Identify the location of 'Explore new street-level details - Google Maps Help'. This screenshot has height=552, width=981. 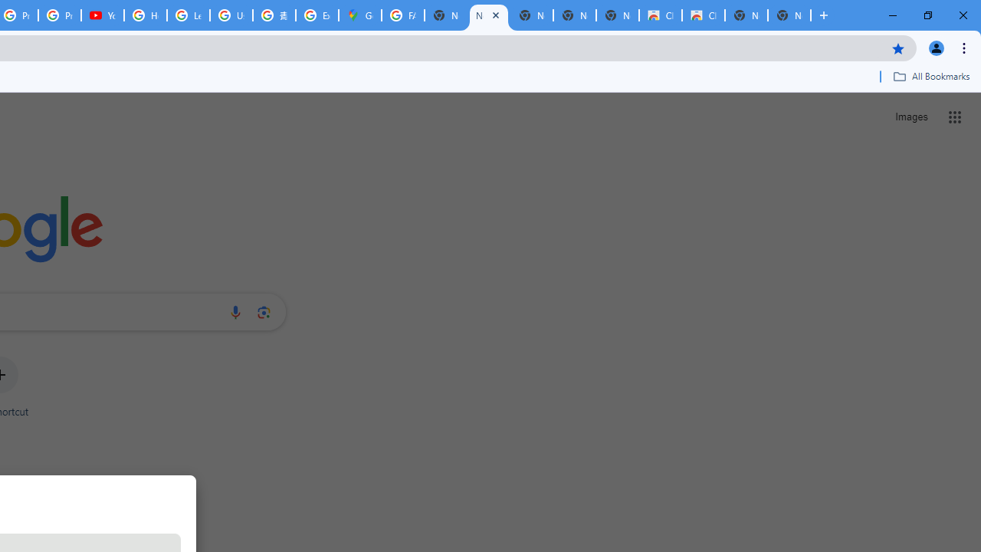
(317, 15).